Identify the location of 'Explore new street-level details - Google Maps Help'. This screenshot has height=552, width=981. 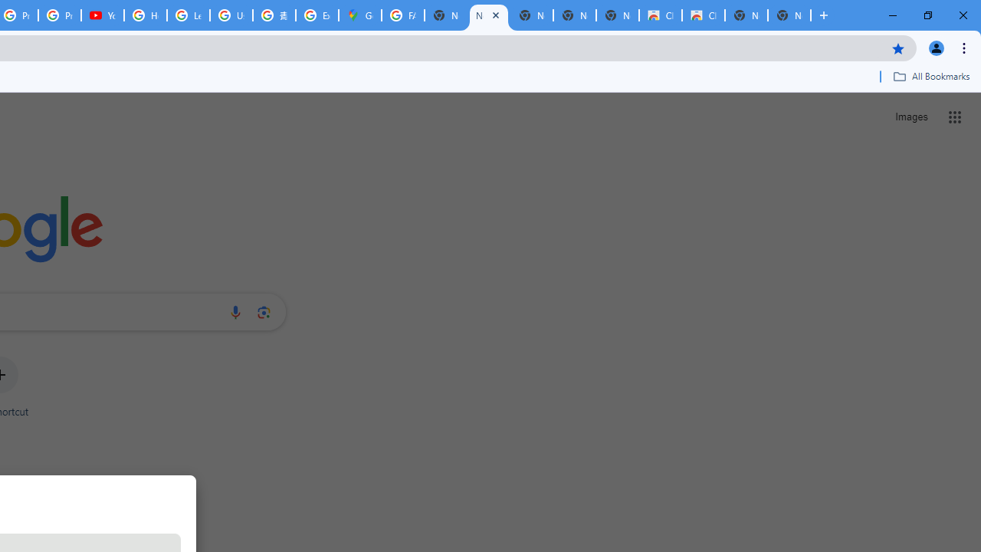
(317, 15).